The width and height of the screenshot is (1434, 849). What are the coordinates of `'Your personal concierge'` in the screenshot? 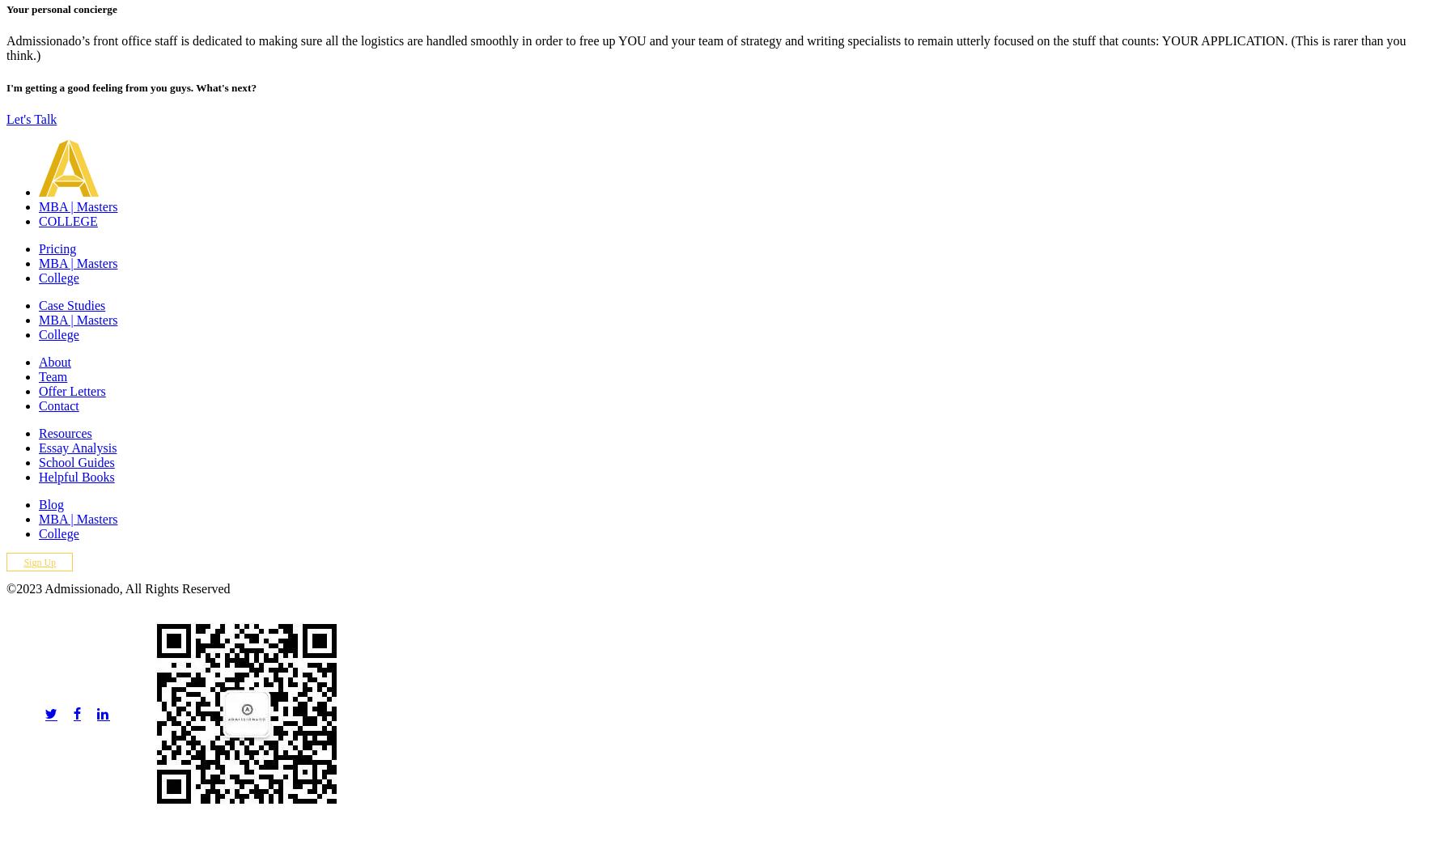 It's located at (61, 8).